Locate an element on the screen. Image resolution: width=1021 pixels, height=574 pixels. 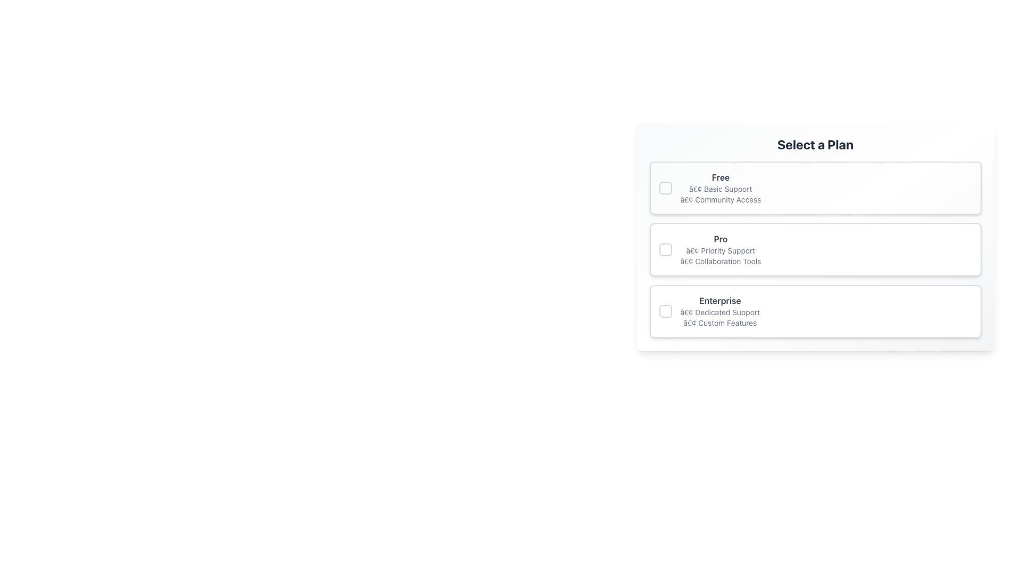
the text element displaying 'Enterprise' in bold gray font, located centrally in the bottom pricing option section above the features list is located at coordinates (720, 301).